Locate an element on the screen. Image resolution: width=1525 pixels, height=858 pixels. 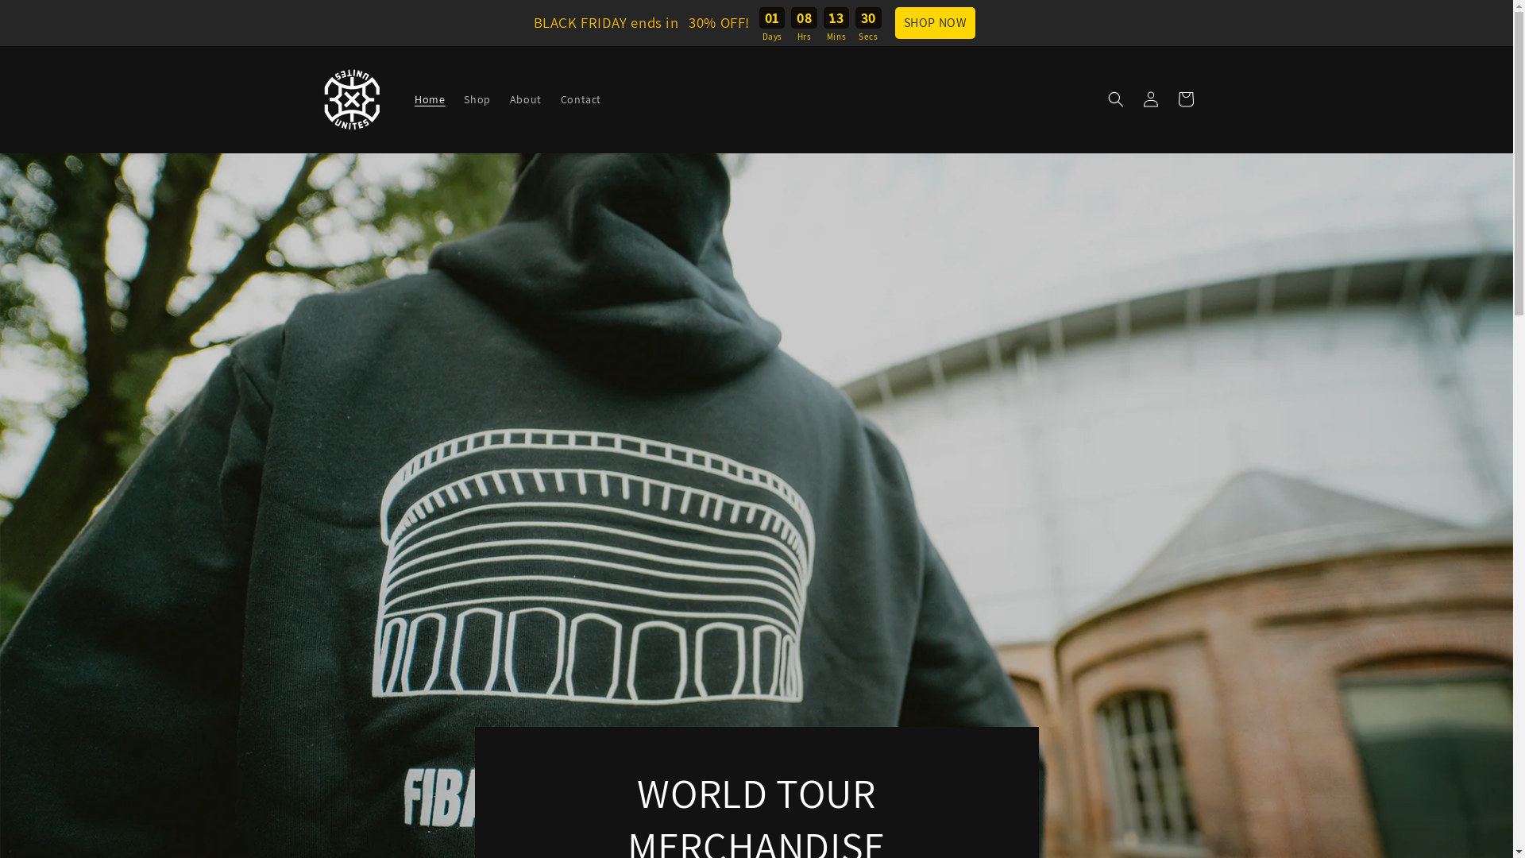
'Home' is located at coordinates (430, 99).